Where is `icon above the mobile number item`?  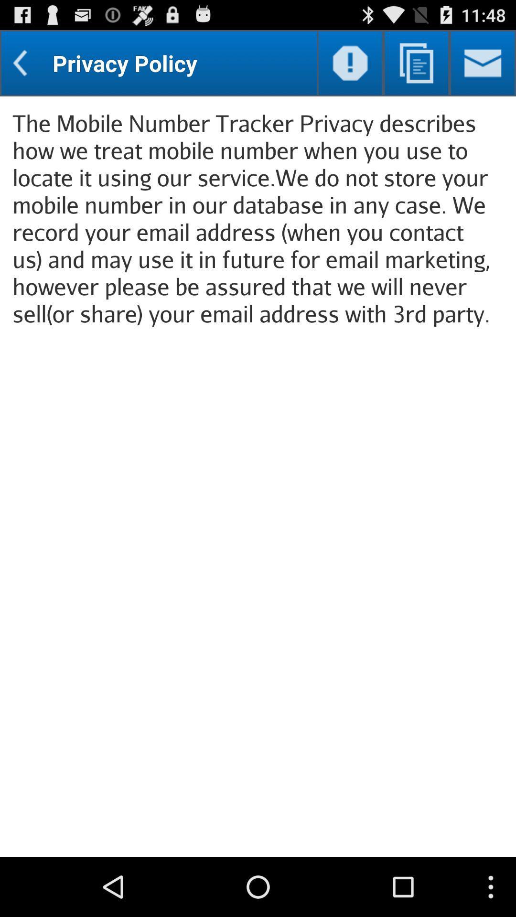
icon above the mobile number item is located at coordinates (350, 63).